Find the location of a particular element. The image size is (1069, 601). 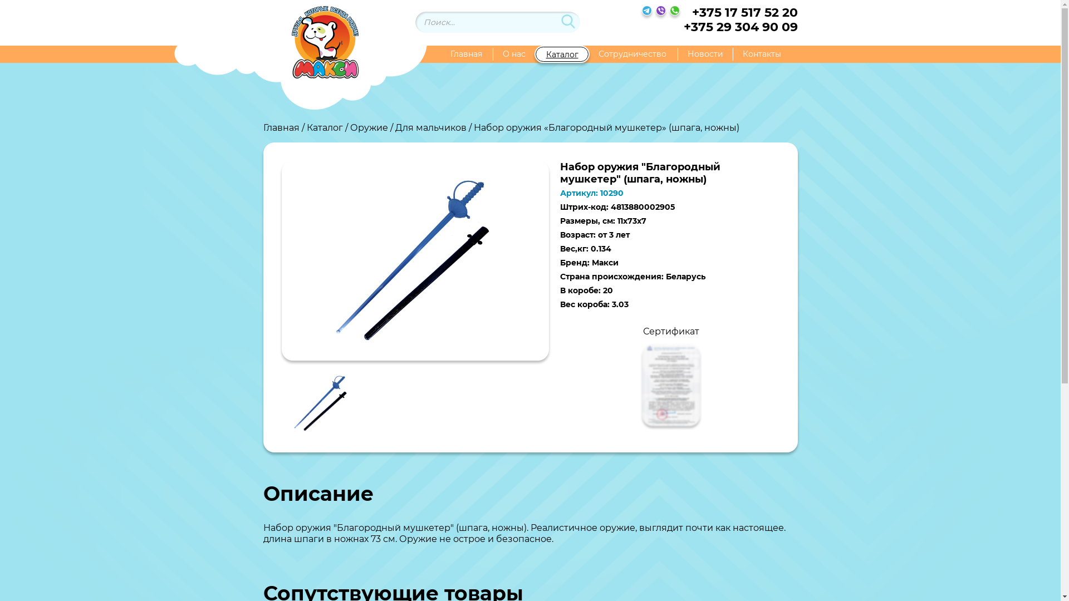

'+375 17 517 52 20' is located at coordinates (741, 13).